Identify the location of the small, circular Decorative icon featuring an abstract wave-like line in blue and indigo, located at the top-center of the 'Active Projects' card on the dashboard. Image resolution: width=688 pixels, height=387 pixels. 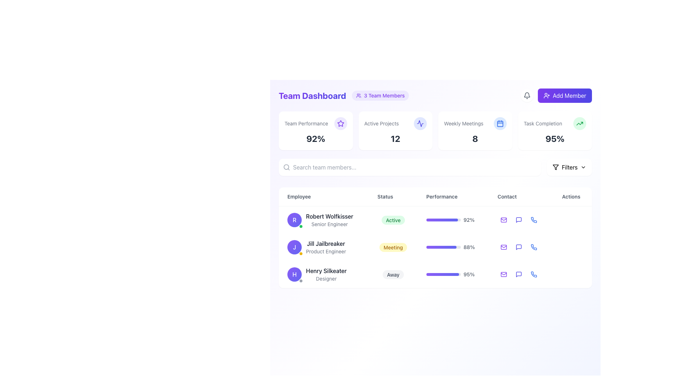
(420, 123).